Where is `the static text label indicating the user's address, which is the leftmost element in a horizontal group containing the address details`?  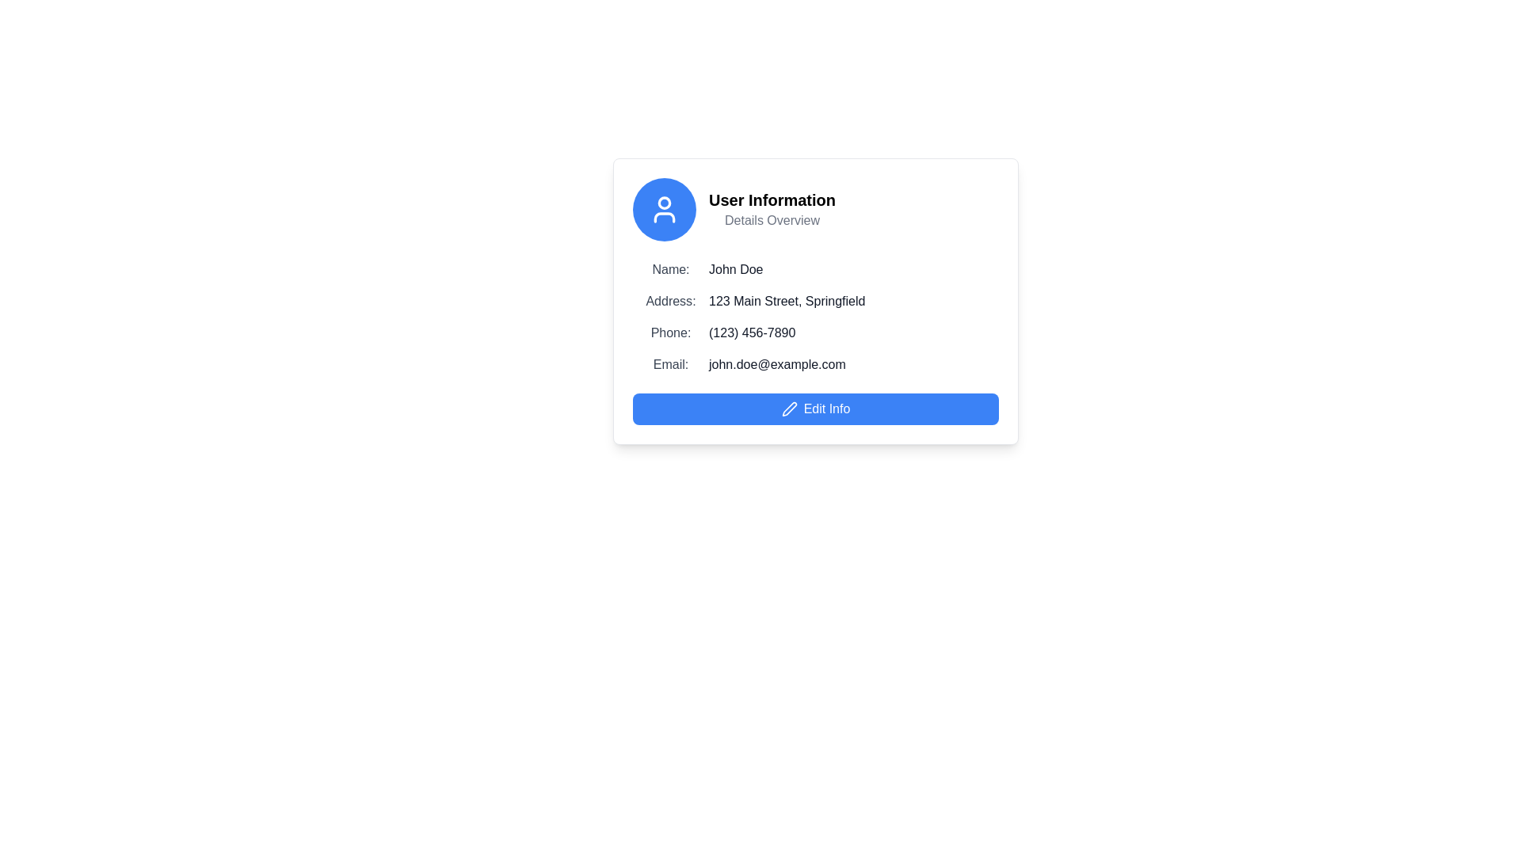 the static text label indicating the user's address, which is the leftmost element in a horizontal group containing the address details is located at coordinates (670, 302).